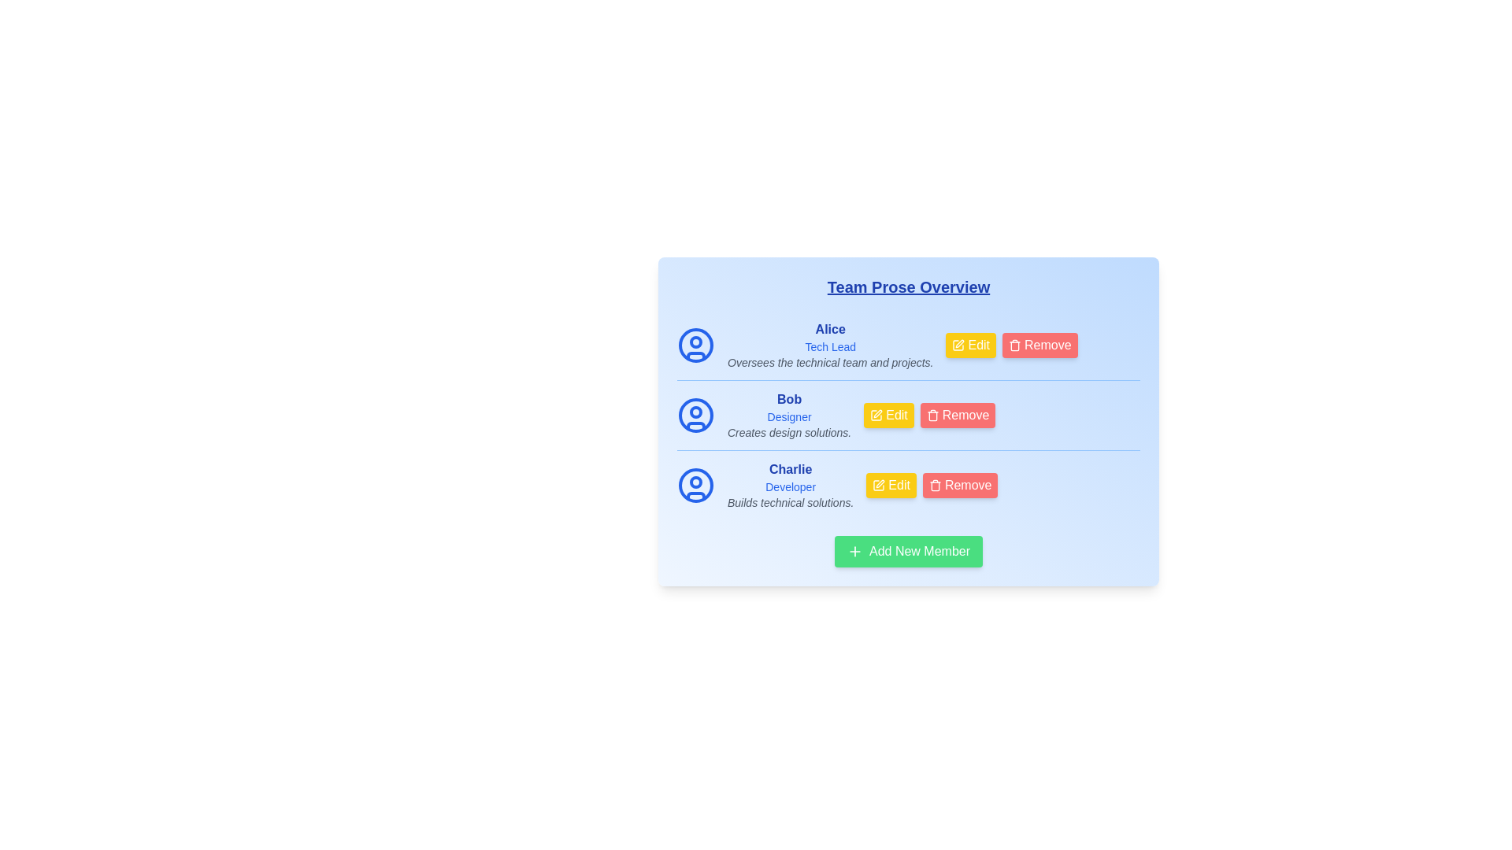  I want to click on the red rectangular button labeled 'Remove' with a trash can icon on its left, located in the upper-right corner of Alice's detail section, so click(1039, 345).